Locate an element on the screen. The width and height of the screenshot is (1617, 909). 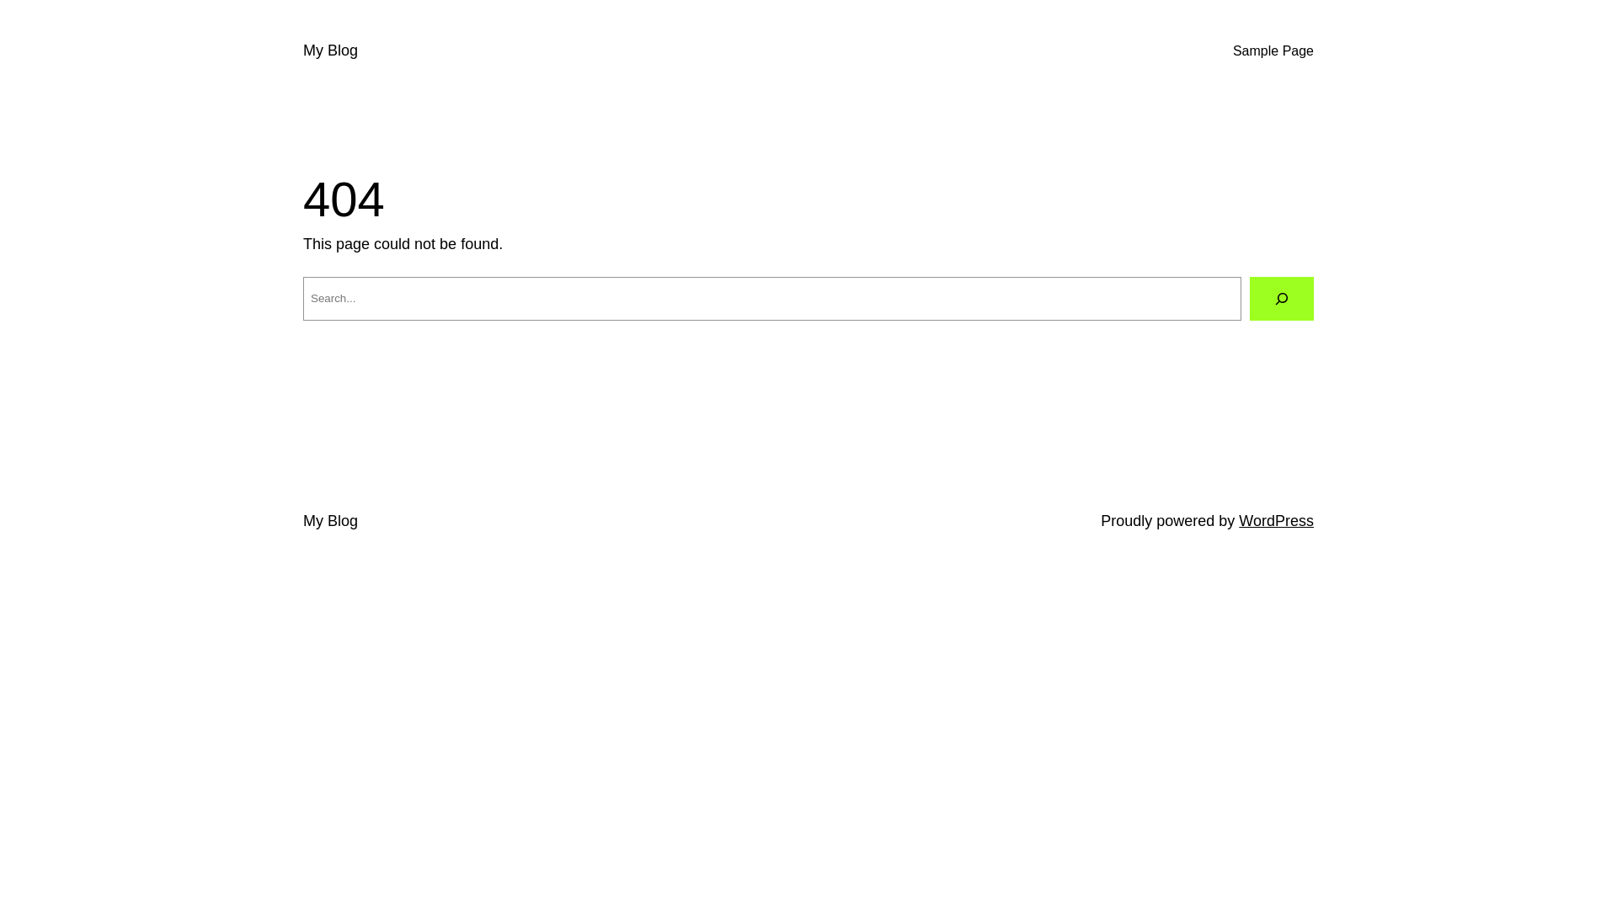
'Sample Page' is located at coordinates (1273, 50).